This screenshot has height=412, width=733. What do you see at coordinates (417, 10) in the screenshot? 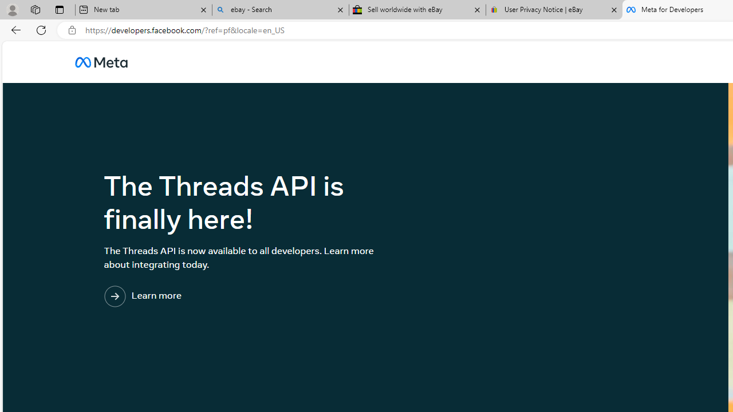
I see `'Sell worldwide with eBay'` at bounding box center [417, 10].